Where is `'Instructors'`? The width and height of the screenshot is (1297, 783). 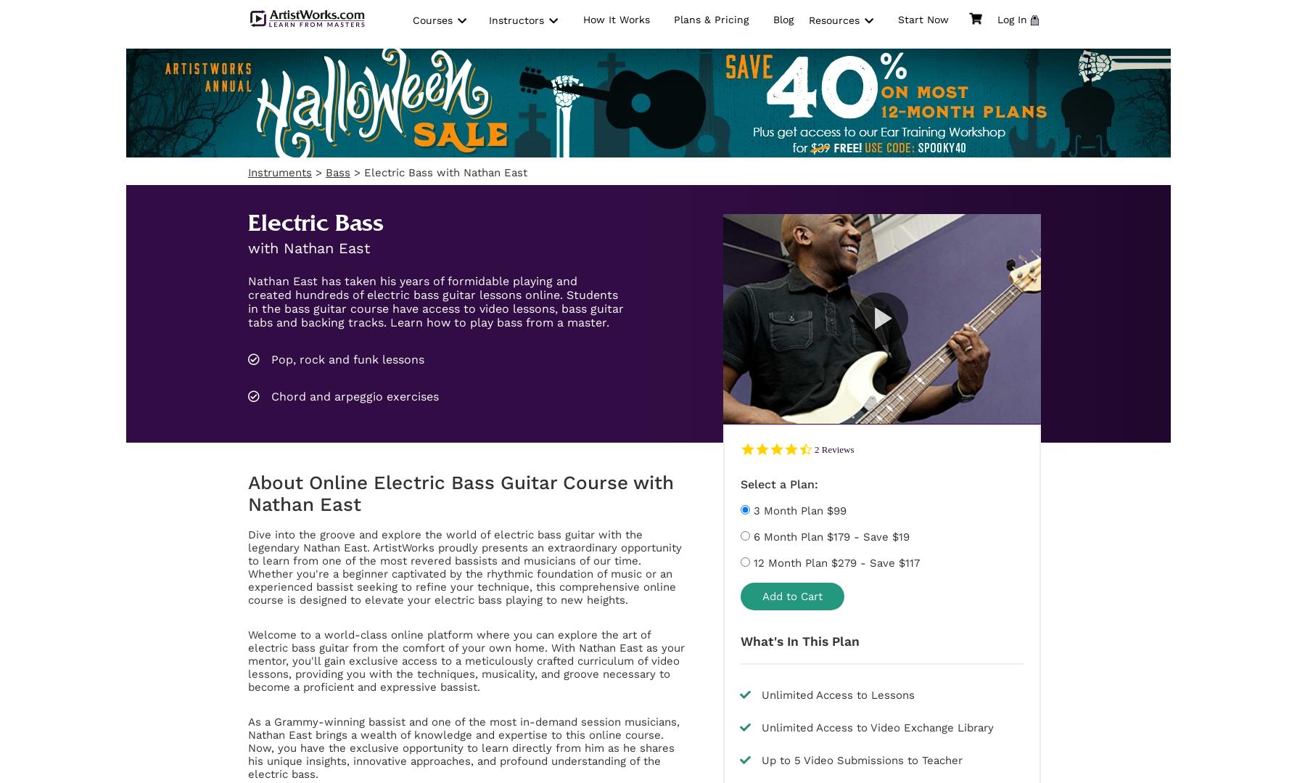 'Instructors' is located at coordinates (517, 20).